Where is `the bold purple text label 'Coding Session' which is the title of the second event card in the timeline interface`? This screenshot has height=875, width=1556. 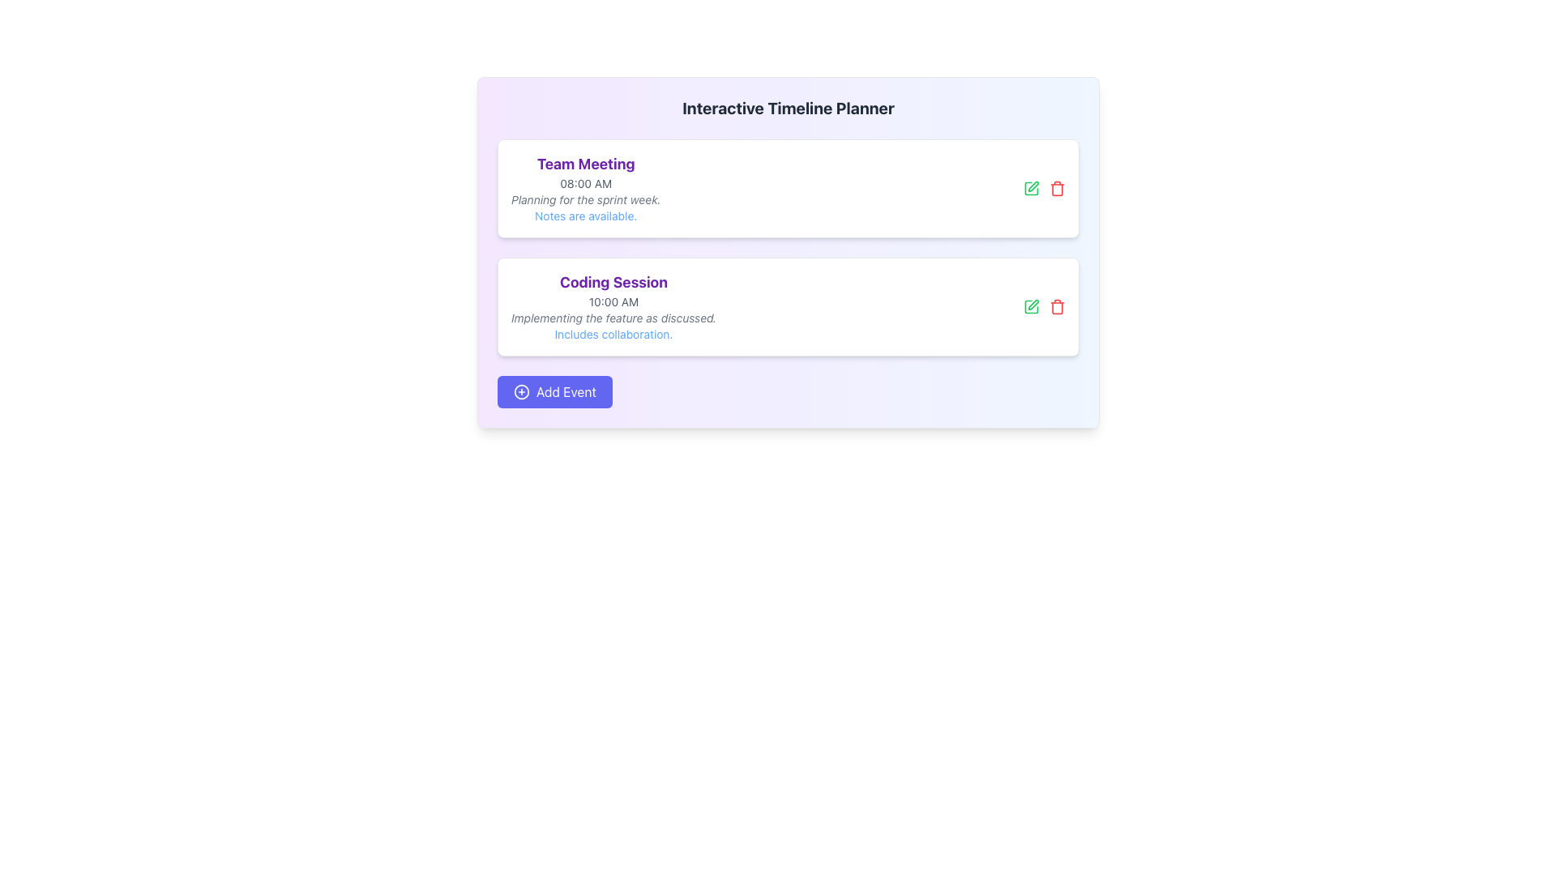
the bold purple text label 'Coding Session' which is the title of the second event card in the timeline interface is located at coordinates (613, 281).